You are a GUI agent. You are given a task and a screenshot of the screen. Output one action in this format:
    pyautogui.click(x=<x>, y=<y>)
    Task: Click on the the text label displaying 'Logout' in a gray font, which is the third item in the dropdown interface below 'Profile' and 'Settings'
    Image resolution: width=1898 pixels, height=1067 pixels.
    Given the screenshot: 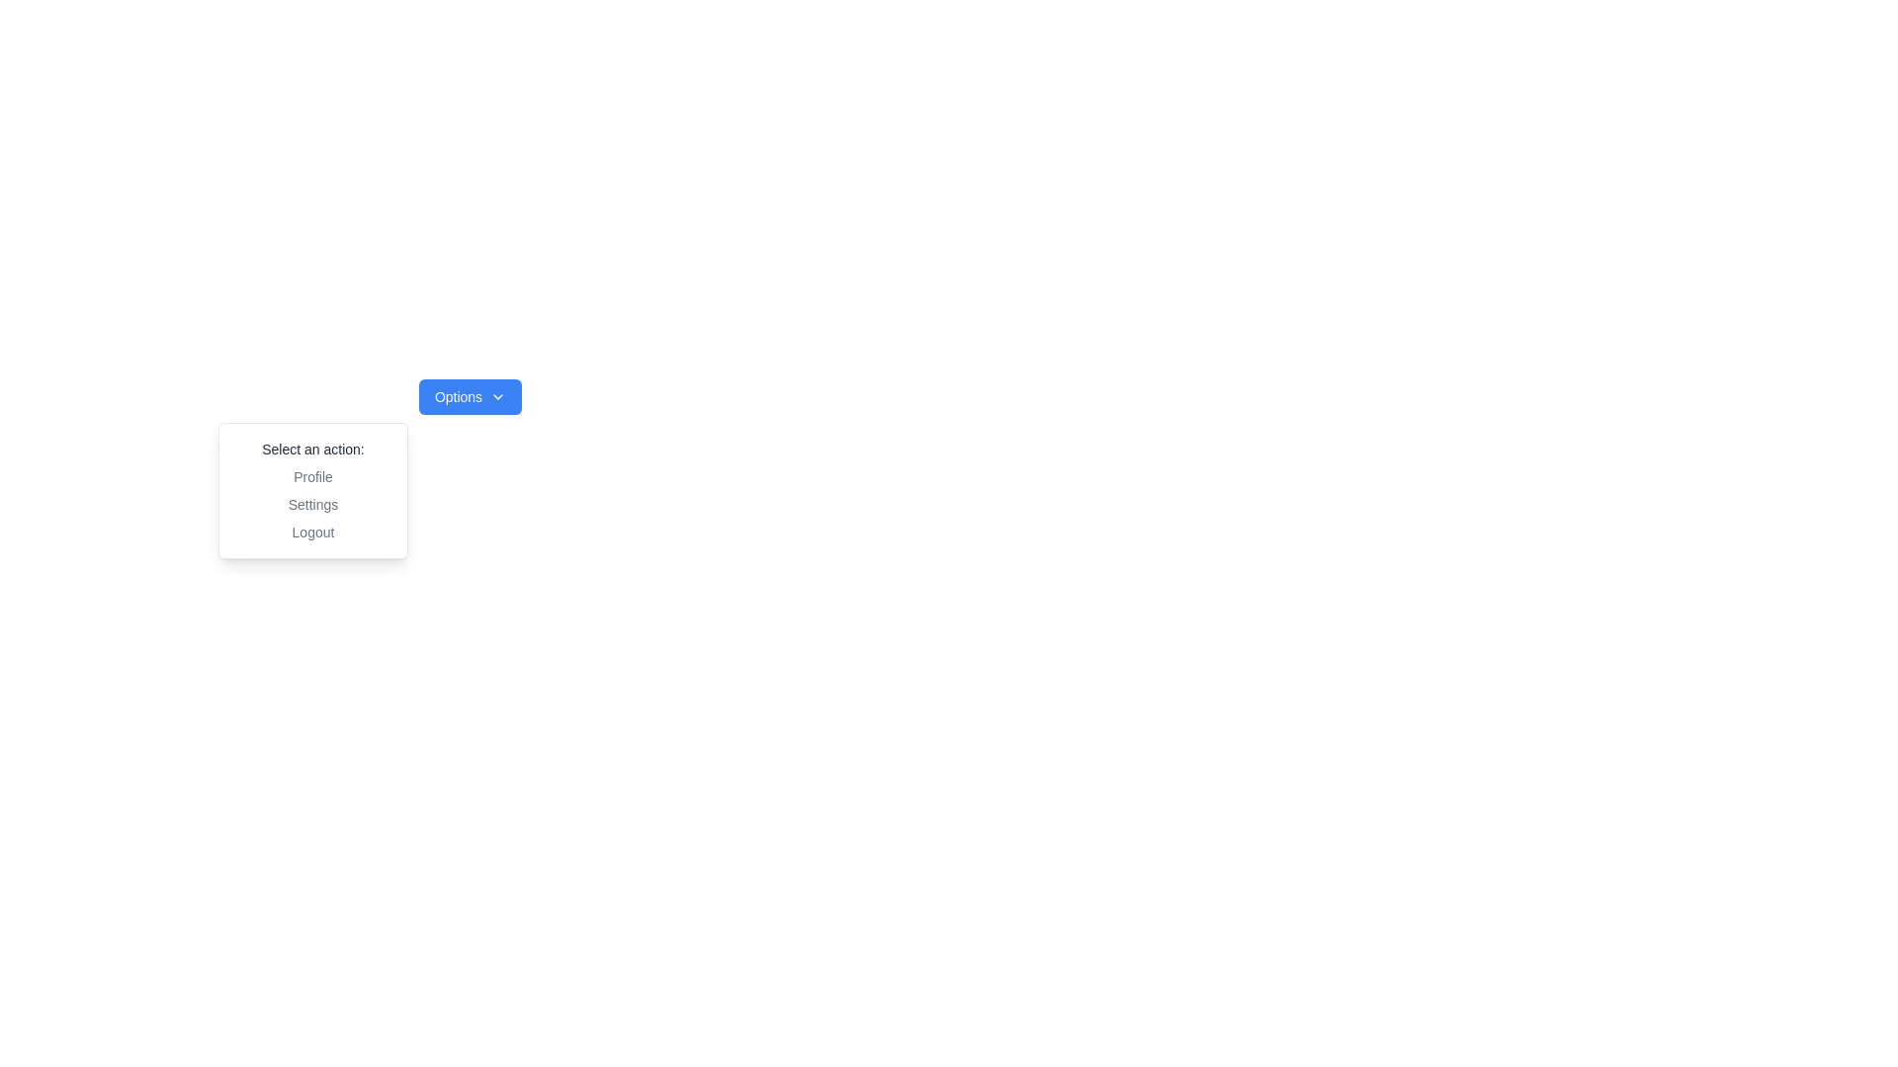 What is the action you would take?
    pyautogui.click(x=311, y=532)
    